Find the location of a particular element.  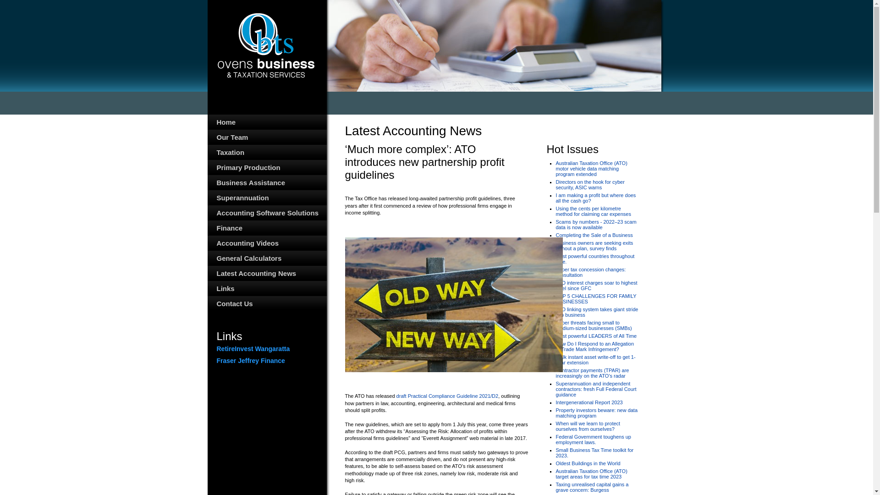

'Business Assistance' is located at coordinates (266, 182).